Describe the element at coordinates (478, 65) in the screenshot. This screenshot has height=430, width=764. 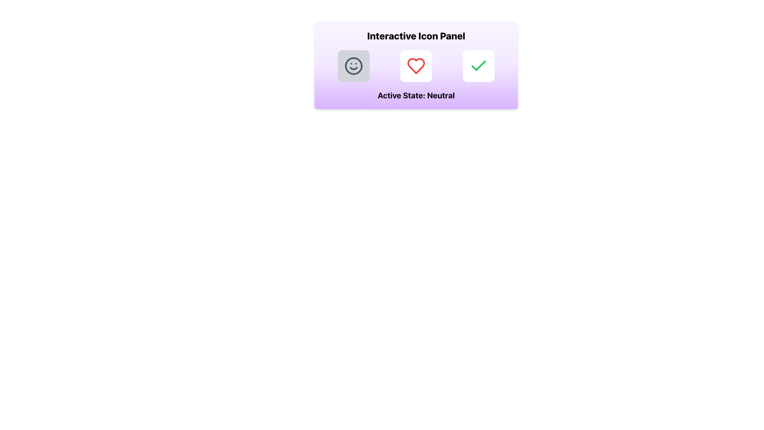
I see `the green checkmark icon in the third position of the 'Interactive Icon Panel'` at that location.